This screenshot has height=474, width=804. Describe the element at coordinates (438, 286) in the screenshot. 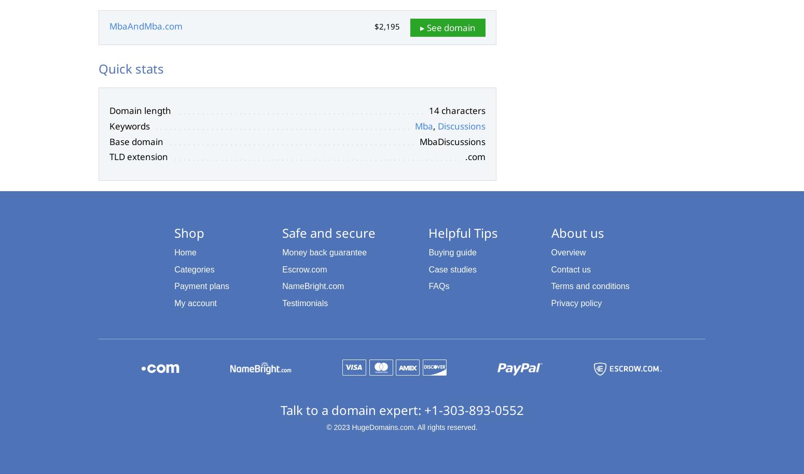

I see `'FAQs'` at that location.